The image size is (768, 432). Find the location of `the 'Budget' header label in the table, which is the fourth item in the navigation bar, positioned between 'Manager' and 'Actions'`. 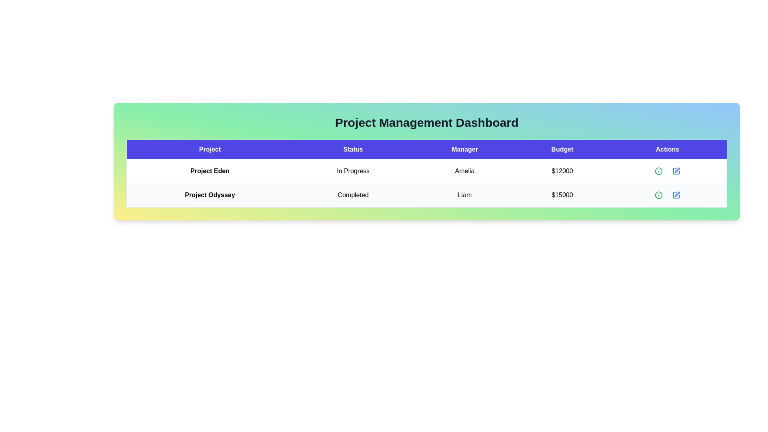

the 'Budget' header label in the table, which is the fourth item in the navigation bar, positioned between 'Manager' and 'Actions' is located at coordinates (562, 149).